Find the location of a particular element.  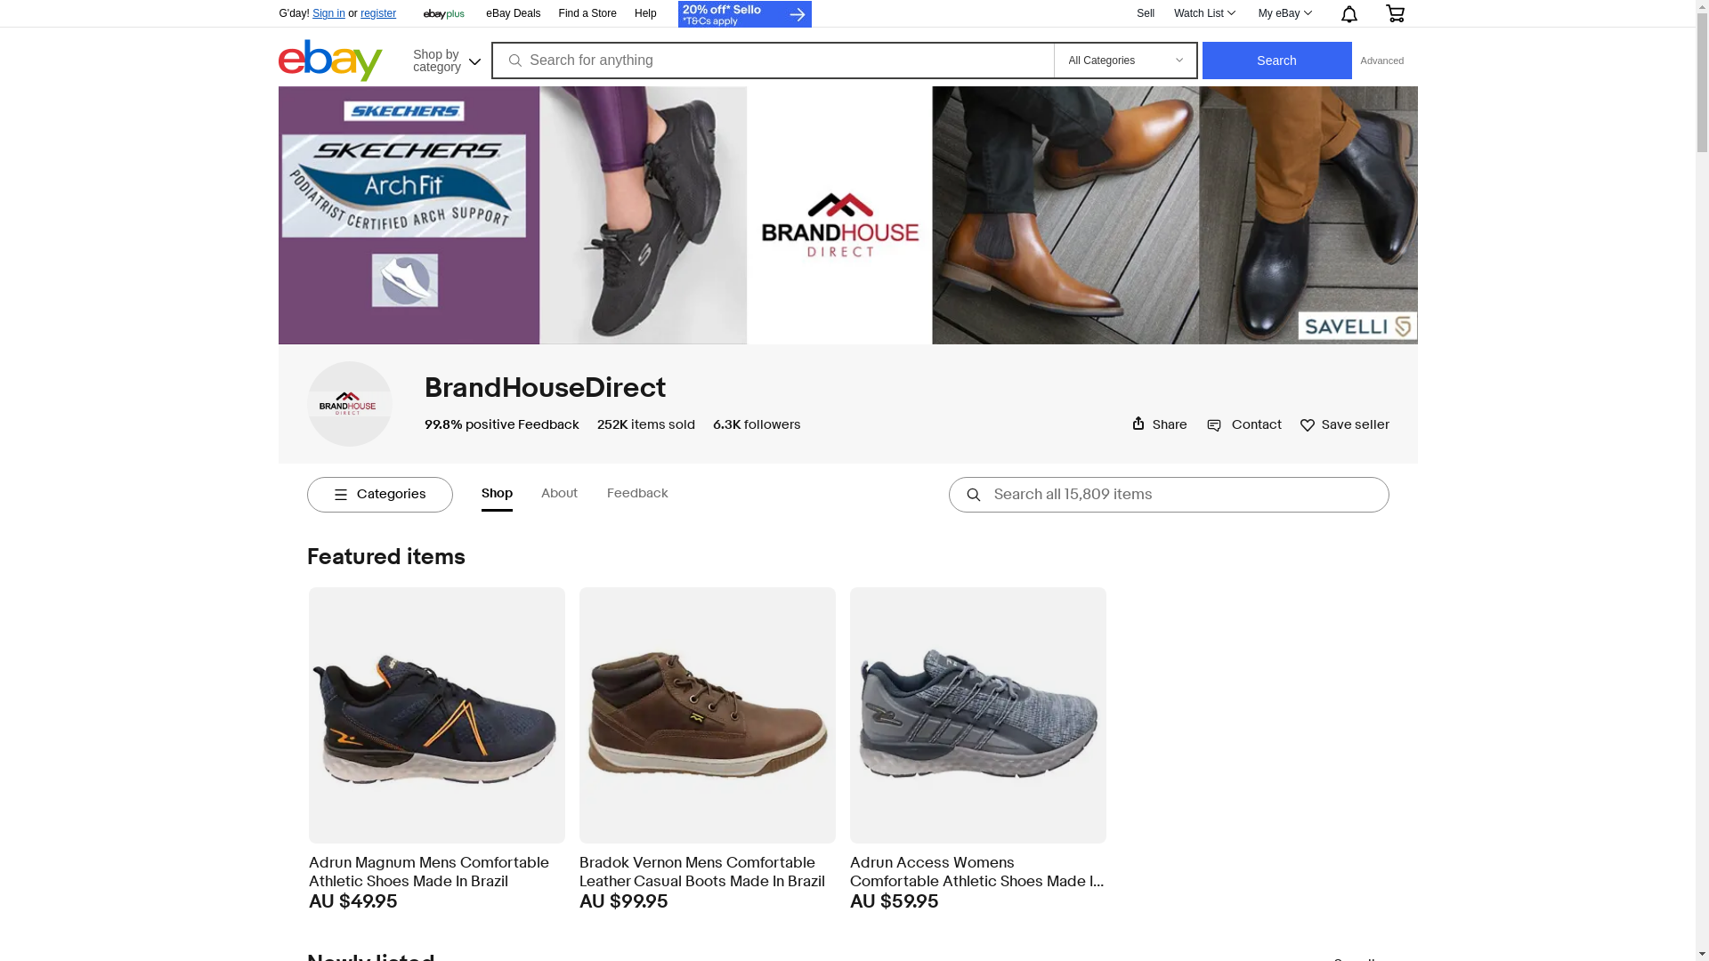

'Sell' is located at coordinates (1145, 13).